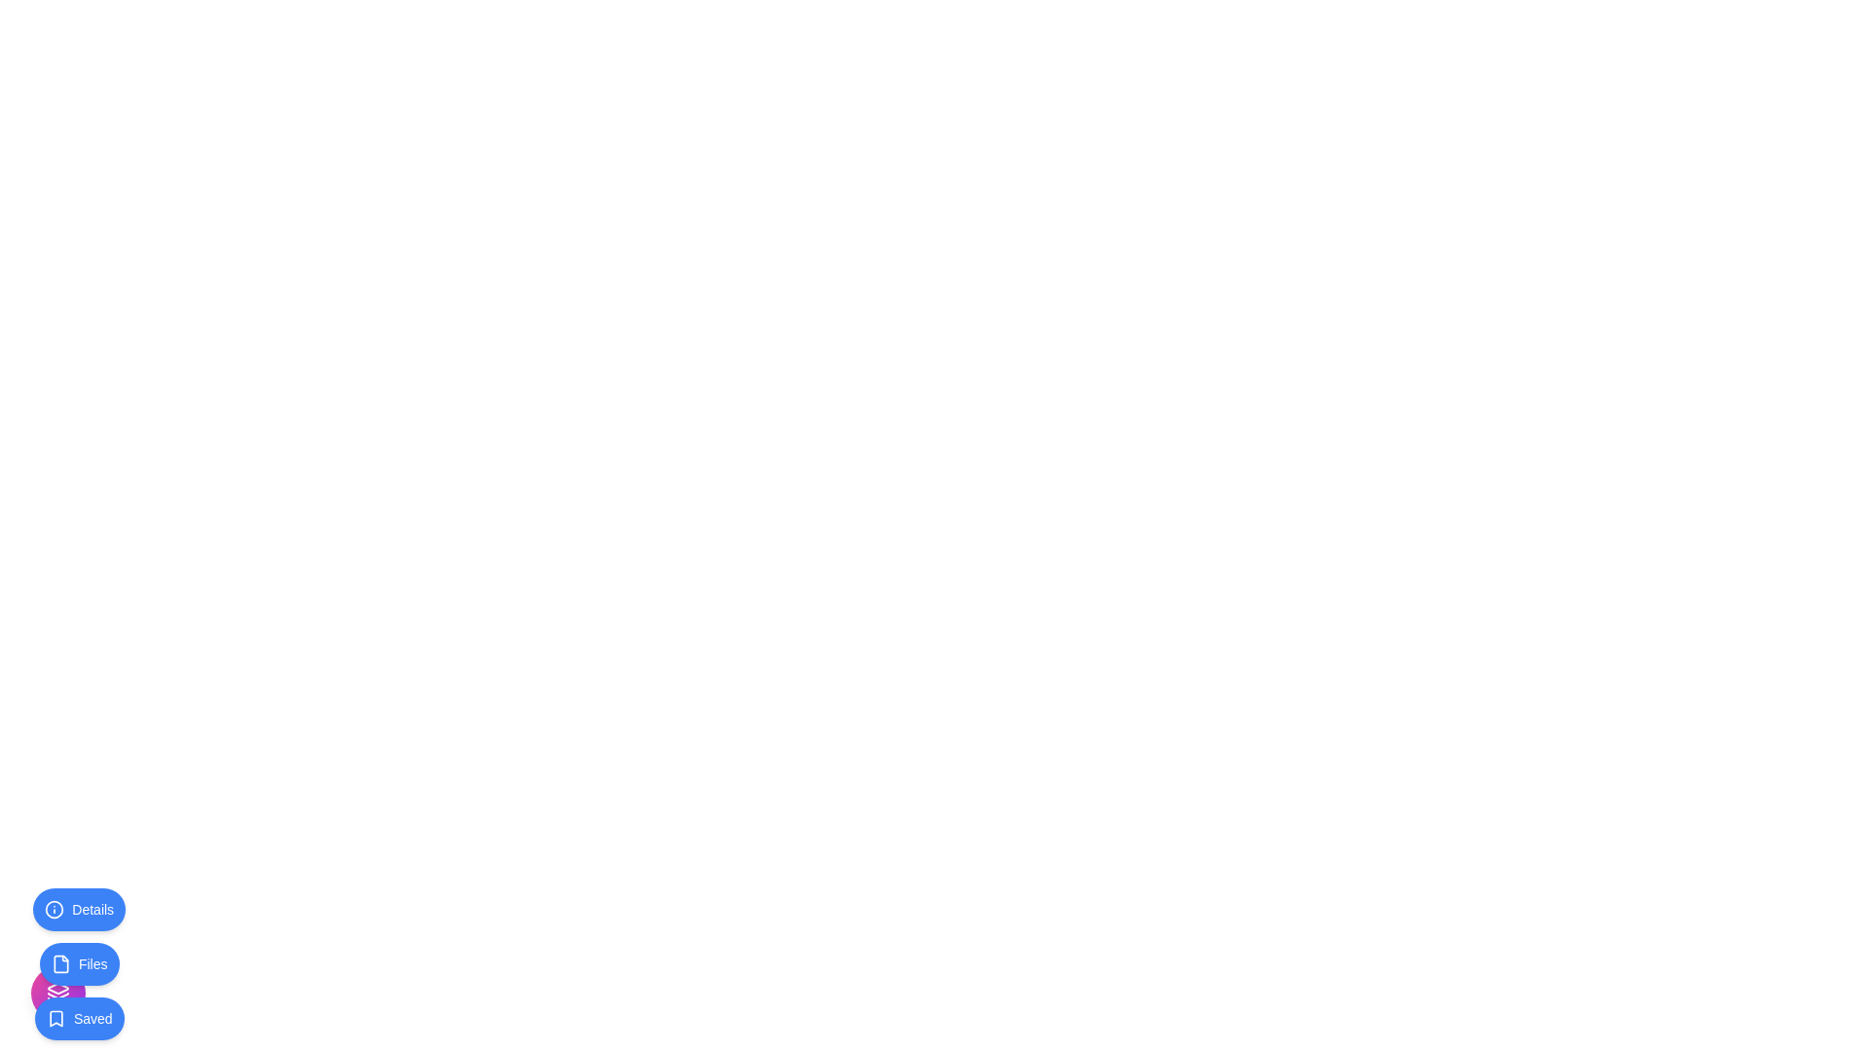 The height and width of the screenshot is (1052, 1870). What do you see at coordinates (60, 964) in the screenshot?
I see `the file icon within the 'Files' button` at bounding box center [60, 964].